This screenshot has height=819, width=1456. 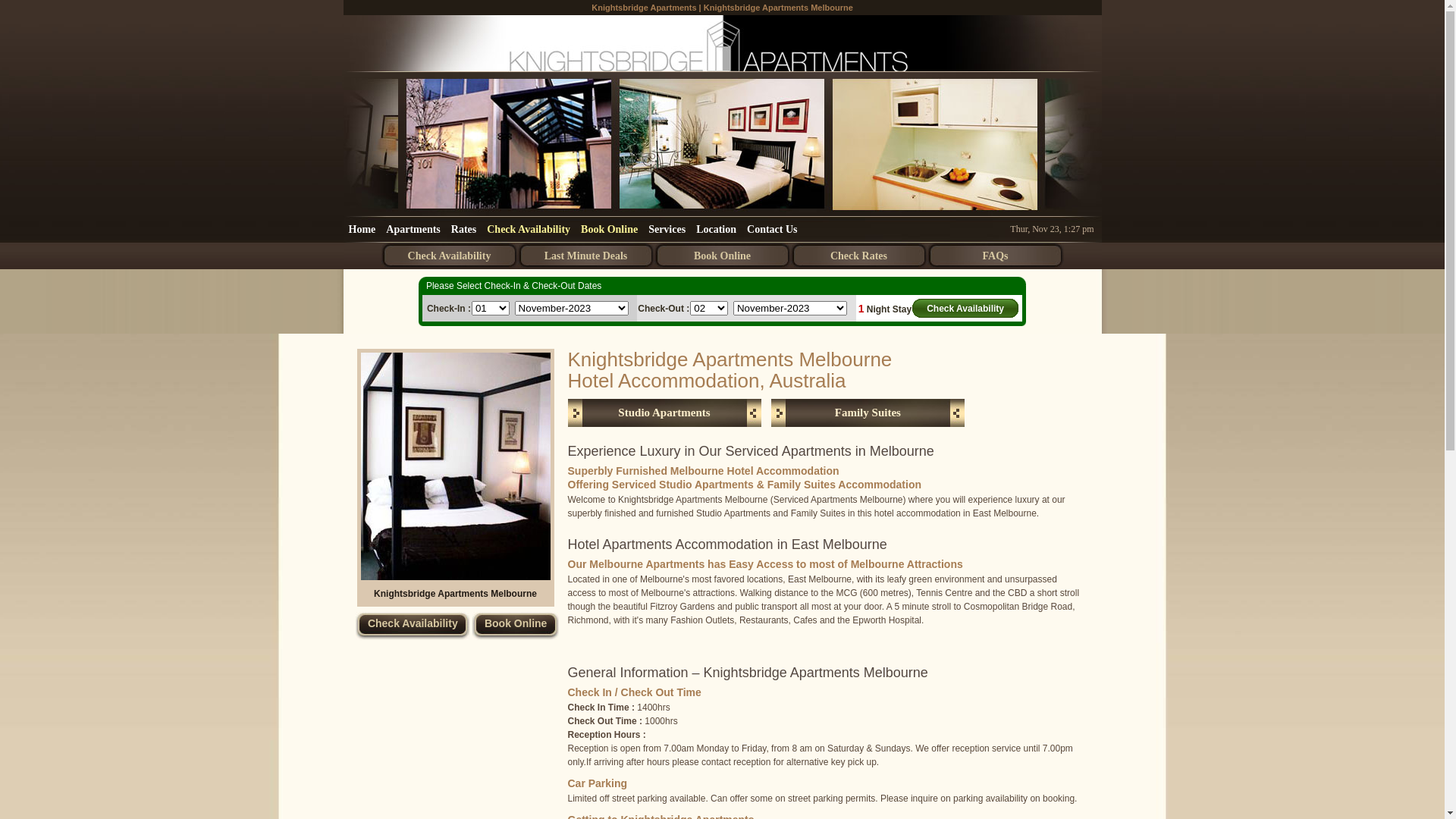 What do you see at coordinates (516, 626) in the screenshot?
I see `'Book Online'` at bounding box center [516, 626].